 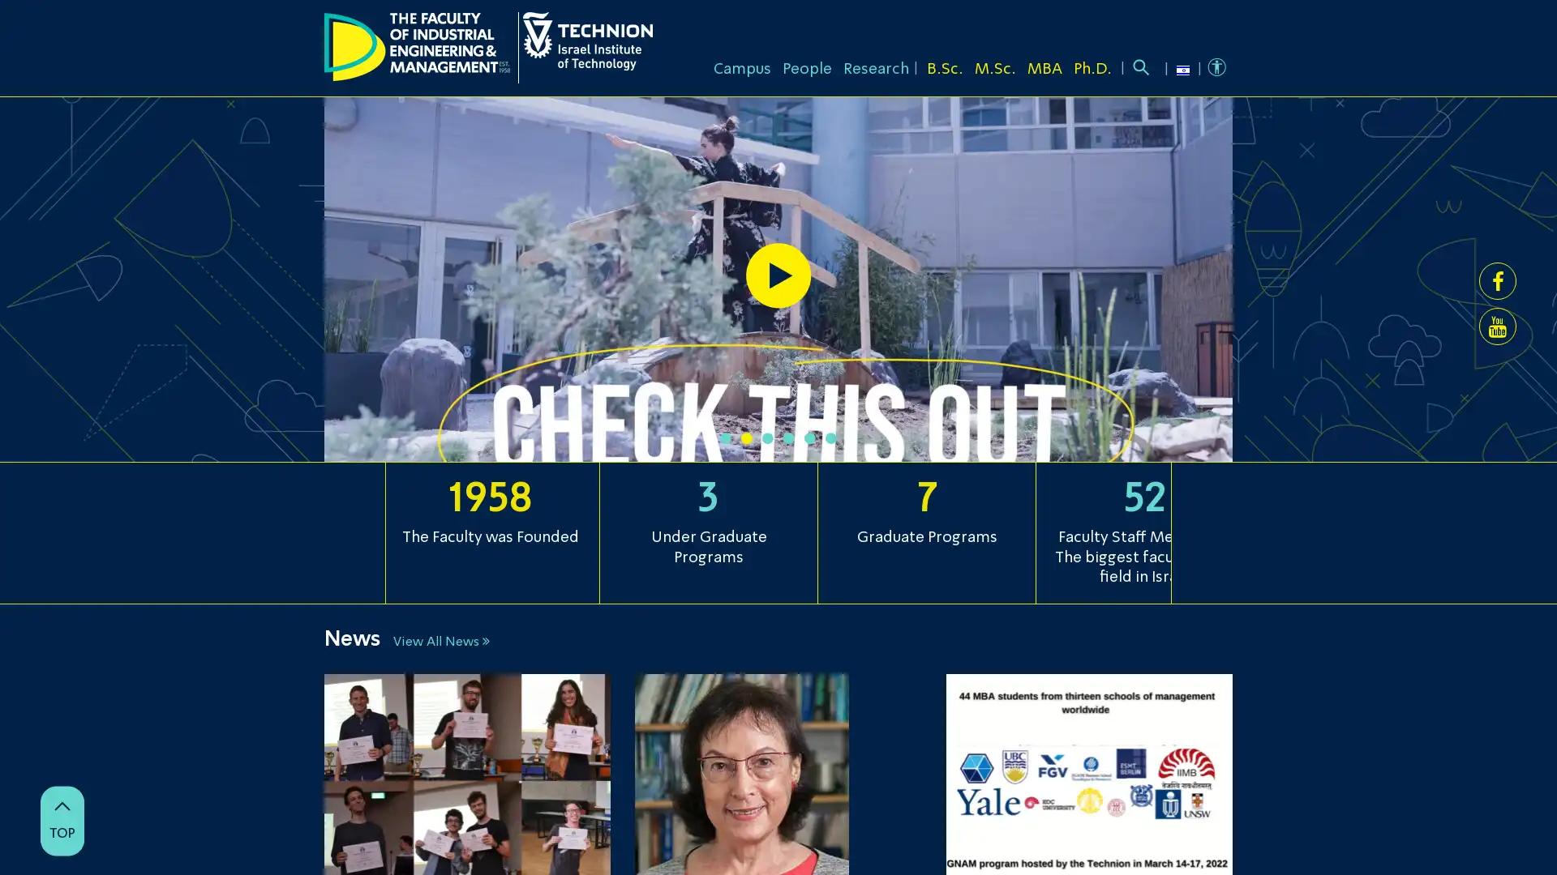 What do you see at coordinates (831, 437) in the screenshot?
I see `6` at bounding box center [831, 437].